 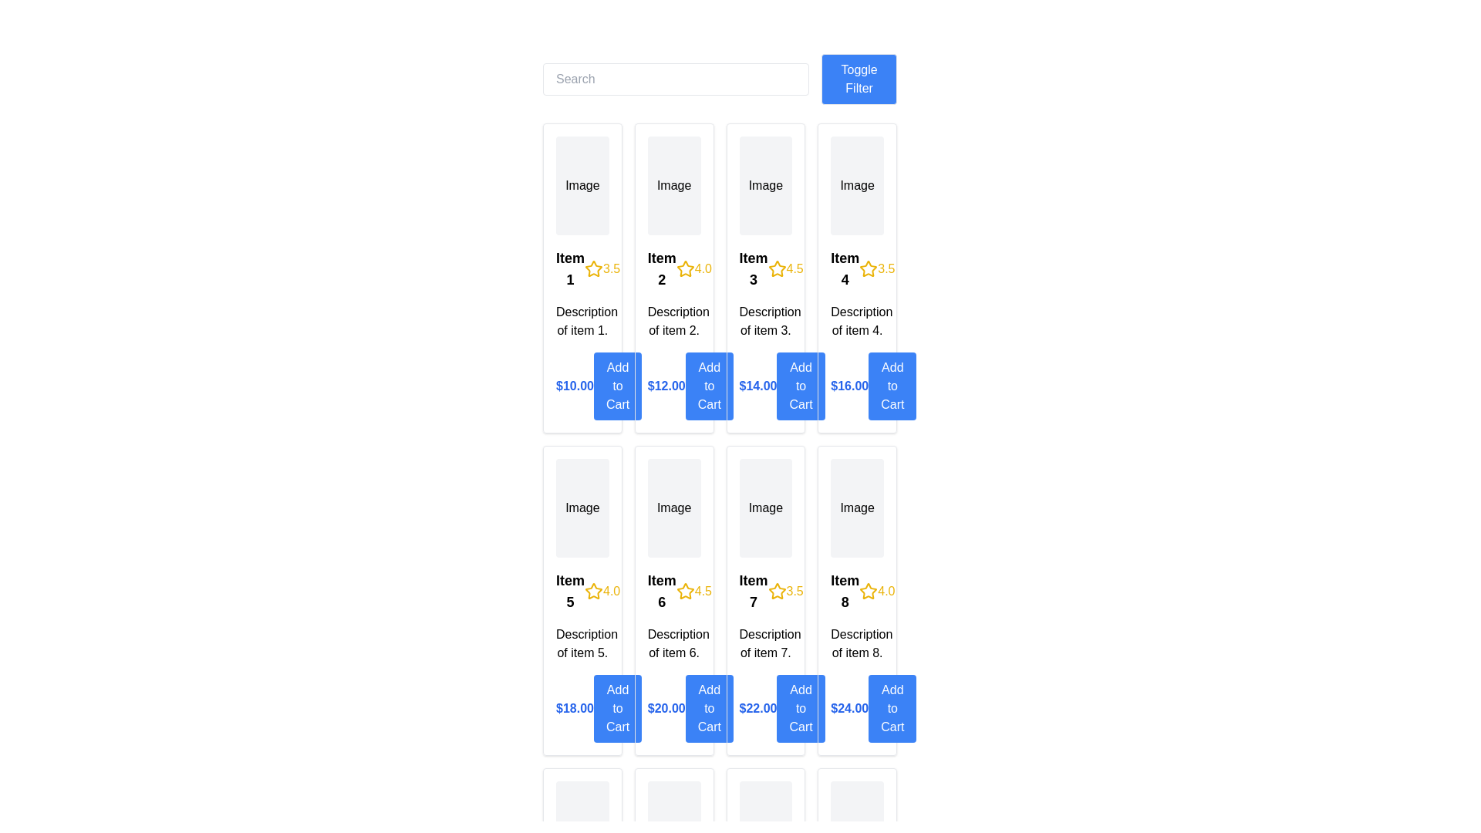 I want to click on the rating indicator element located in the second row and fourth column of the grid layout, which displays the name and rating of an item, so click(x=856, y=591).